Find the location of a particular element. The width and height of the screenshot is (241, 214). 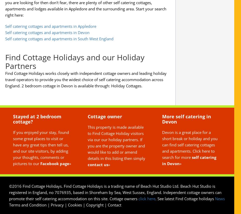

'News' is located at coordinates (220, 198).